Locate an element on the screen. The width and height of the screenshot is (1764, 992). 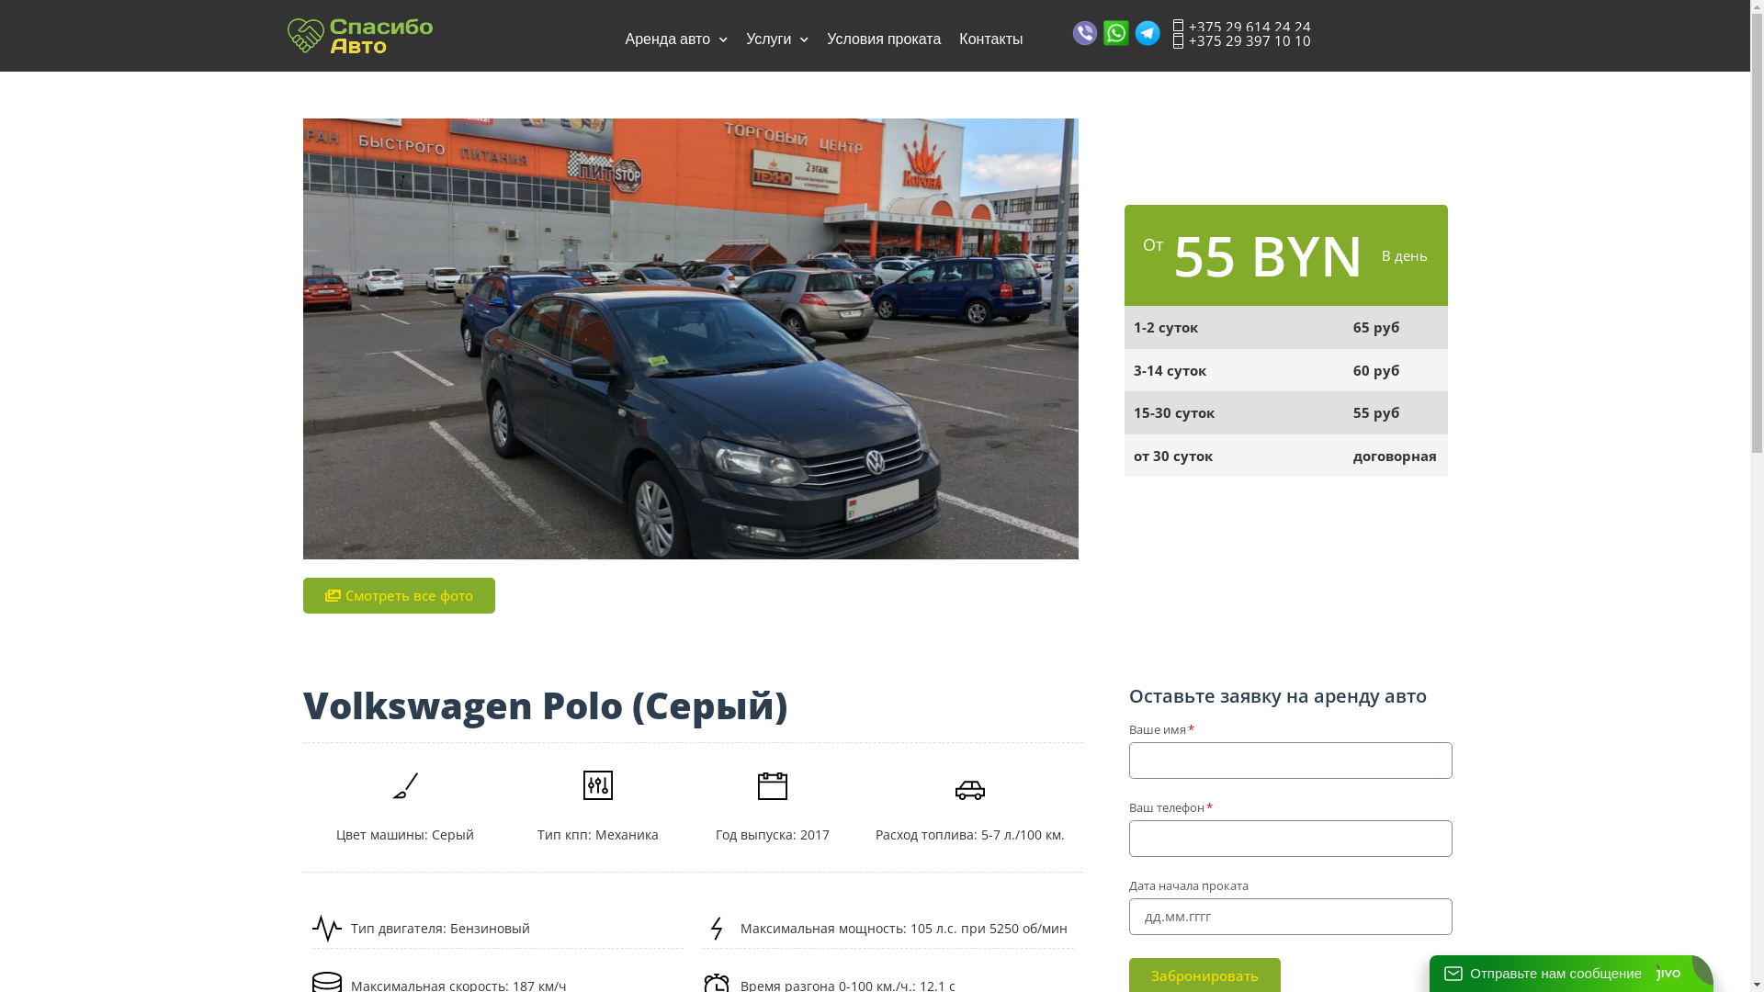
'+375 29 614 24 24' is located at coordinates (1240, 27).